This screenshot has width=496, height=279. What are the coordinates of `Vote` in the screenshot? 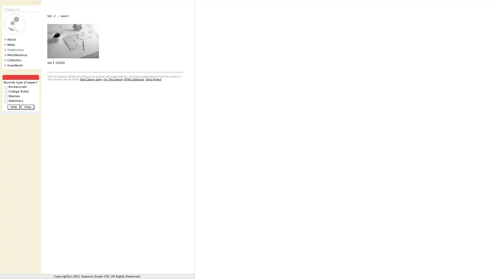 It's located at (13, 107).